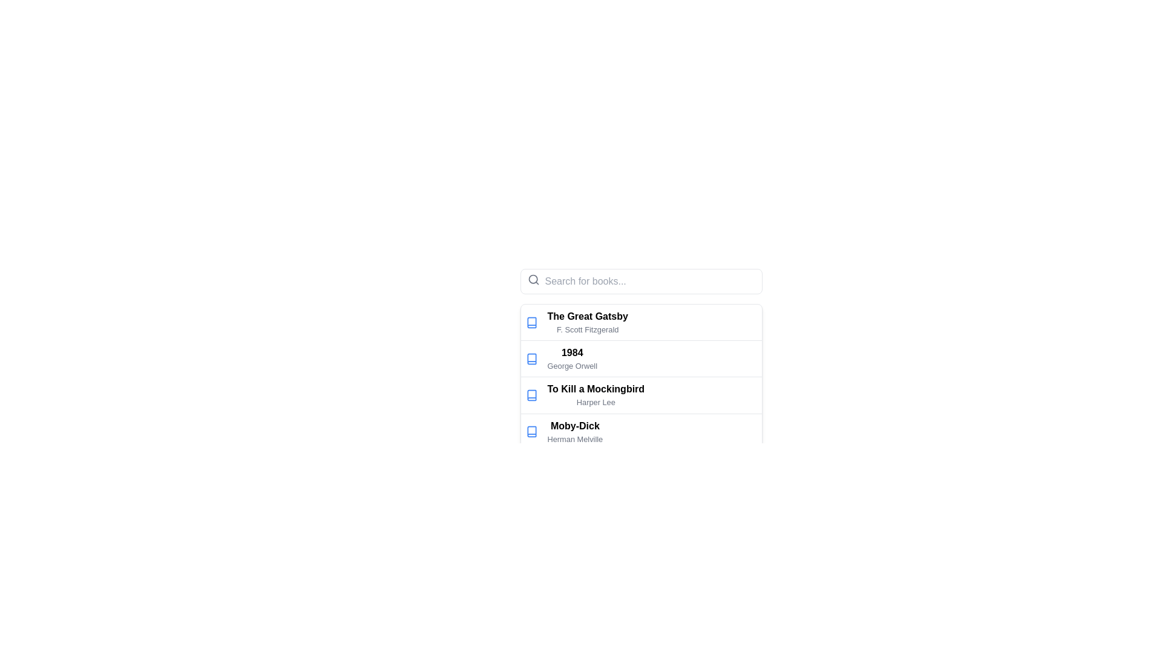  Describe the element at coordinates (588, 315) in the screenshot. I see `the text label 'The Great Gatsby', which is styled in bold black font and positioned as the first item in a list of books above the author's name 'F. Scott Fitzgerald'` at that location.